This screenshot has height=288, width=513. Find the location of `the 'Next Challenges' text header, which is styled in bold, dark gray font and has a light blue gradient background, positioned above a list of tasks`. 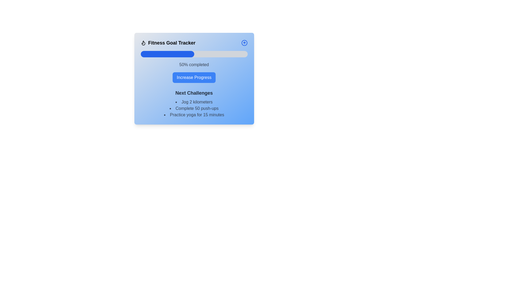

the 'Next Challenges' text header, which is styled in bold, dark gray font and has a light blue gradient background, positioned above a list of tasks is located at coordinates (194, 93).